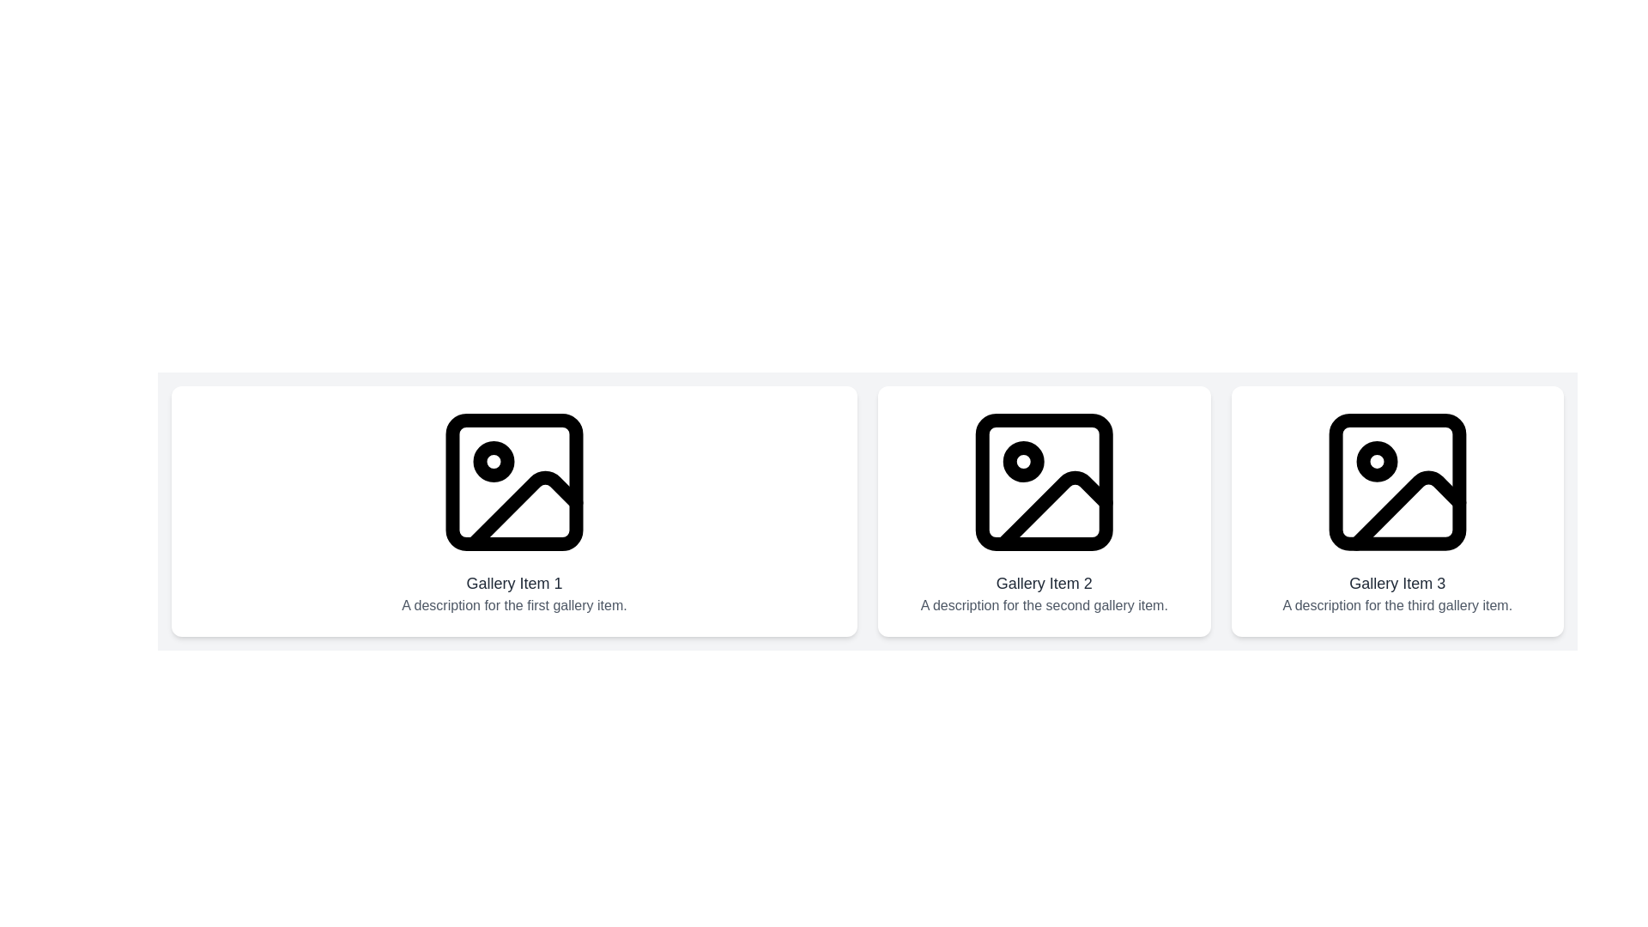  What do you see at coordinates (513, 582) in the screenshot?
I see `the Text label that serves as the title of the first gallery item, which is positioned above a descriptive text element in the first column of the gallery layout` at bounding box center [513, 582].